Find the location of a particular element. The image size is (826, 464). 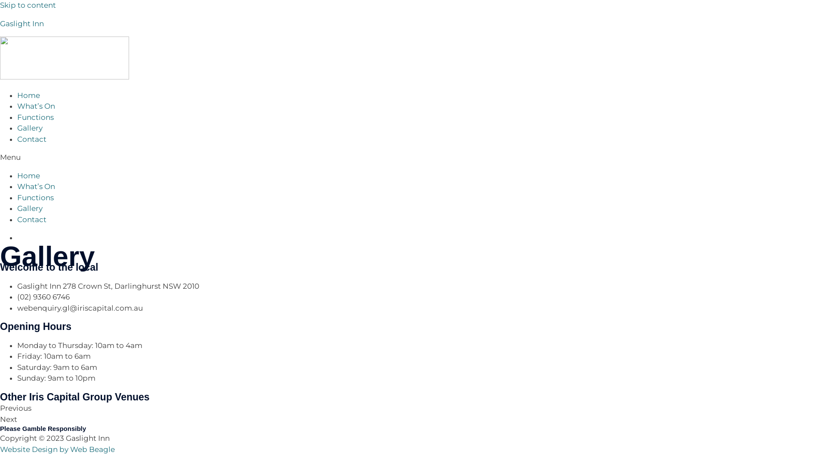

'Gallery' is located at coordinates (30, 128).